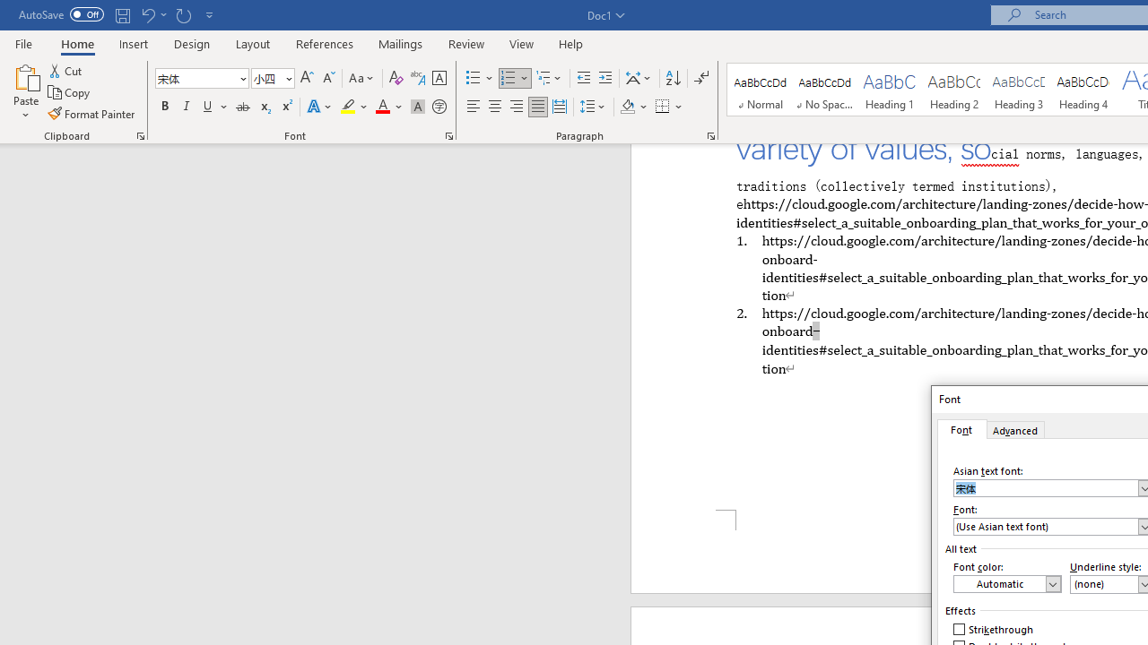 This screenshot has height=645, width=1148. What do you see at coordinates (495, 107) in the screenshot?
I see `'Center'` at bounding box center [495, 107].